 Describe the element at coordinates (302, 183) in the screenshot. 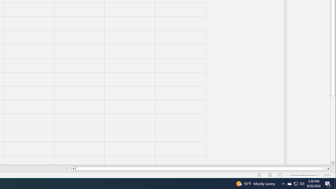

I see `'Q2790: 100%'` at that location.